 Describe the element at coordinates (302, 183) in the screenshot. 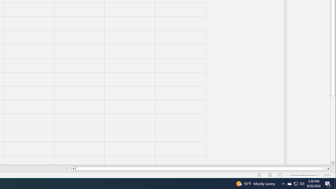

I see `'Q2790: 100%'` at that location.